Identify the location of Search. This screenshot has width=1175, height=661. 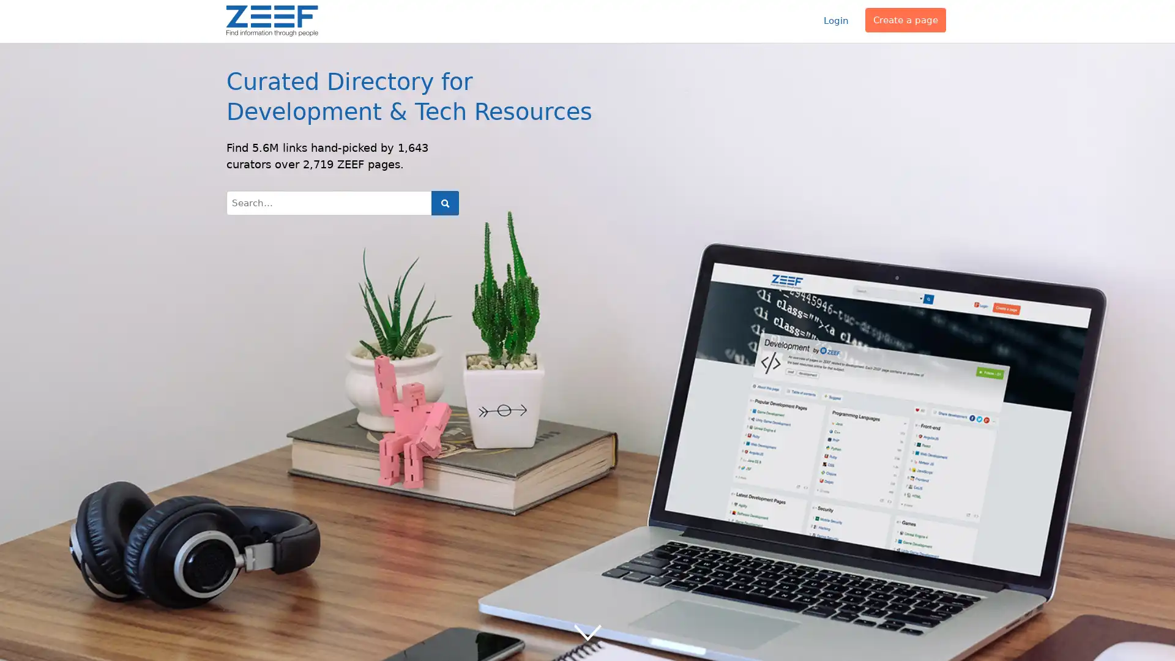
(444, 202).